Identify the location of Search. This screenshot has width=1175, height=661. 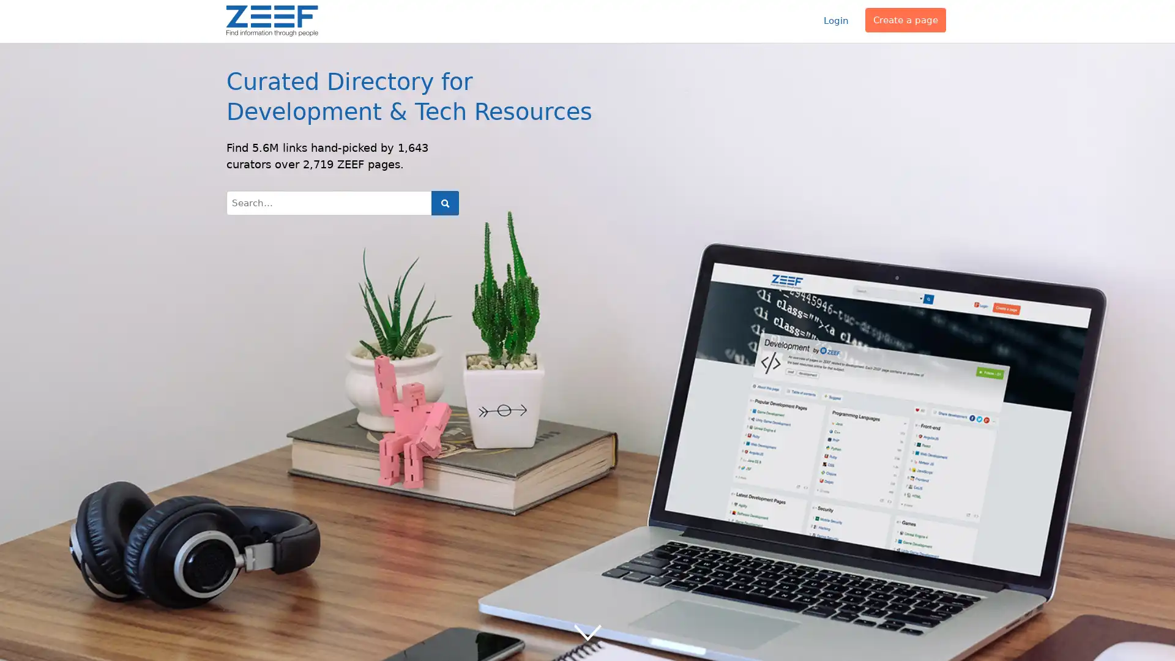
(444, 202).